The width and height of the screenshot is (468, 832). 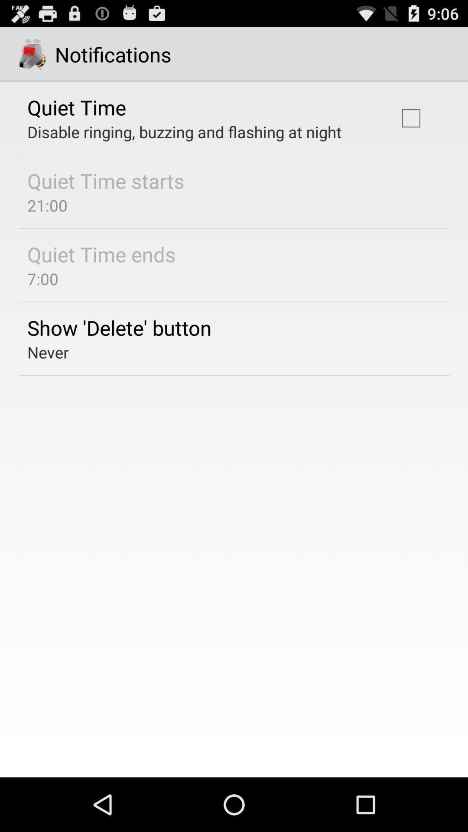 I want to click on the icon below quiet time, so click(x=184, y=131).